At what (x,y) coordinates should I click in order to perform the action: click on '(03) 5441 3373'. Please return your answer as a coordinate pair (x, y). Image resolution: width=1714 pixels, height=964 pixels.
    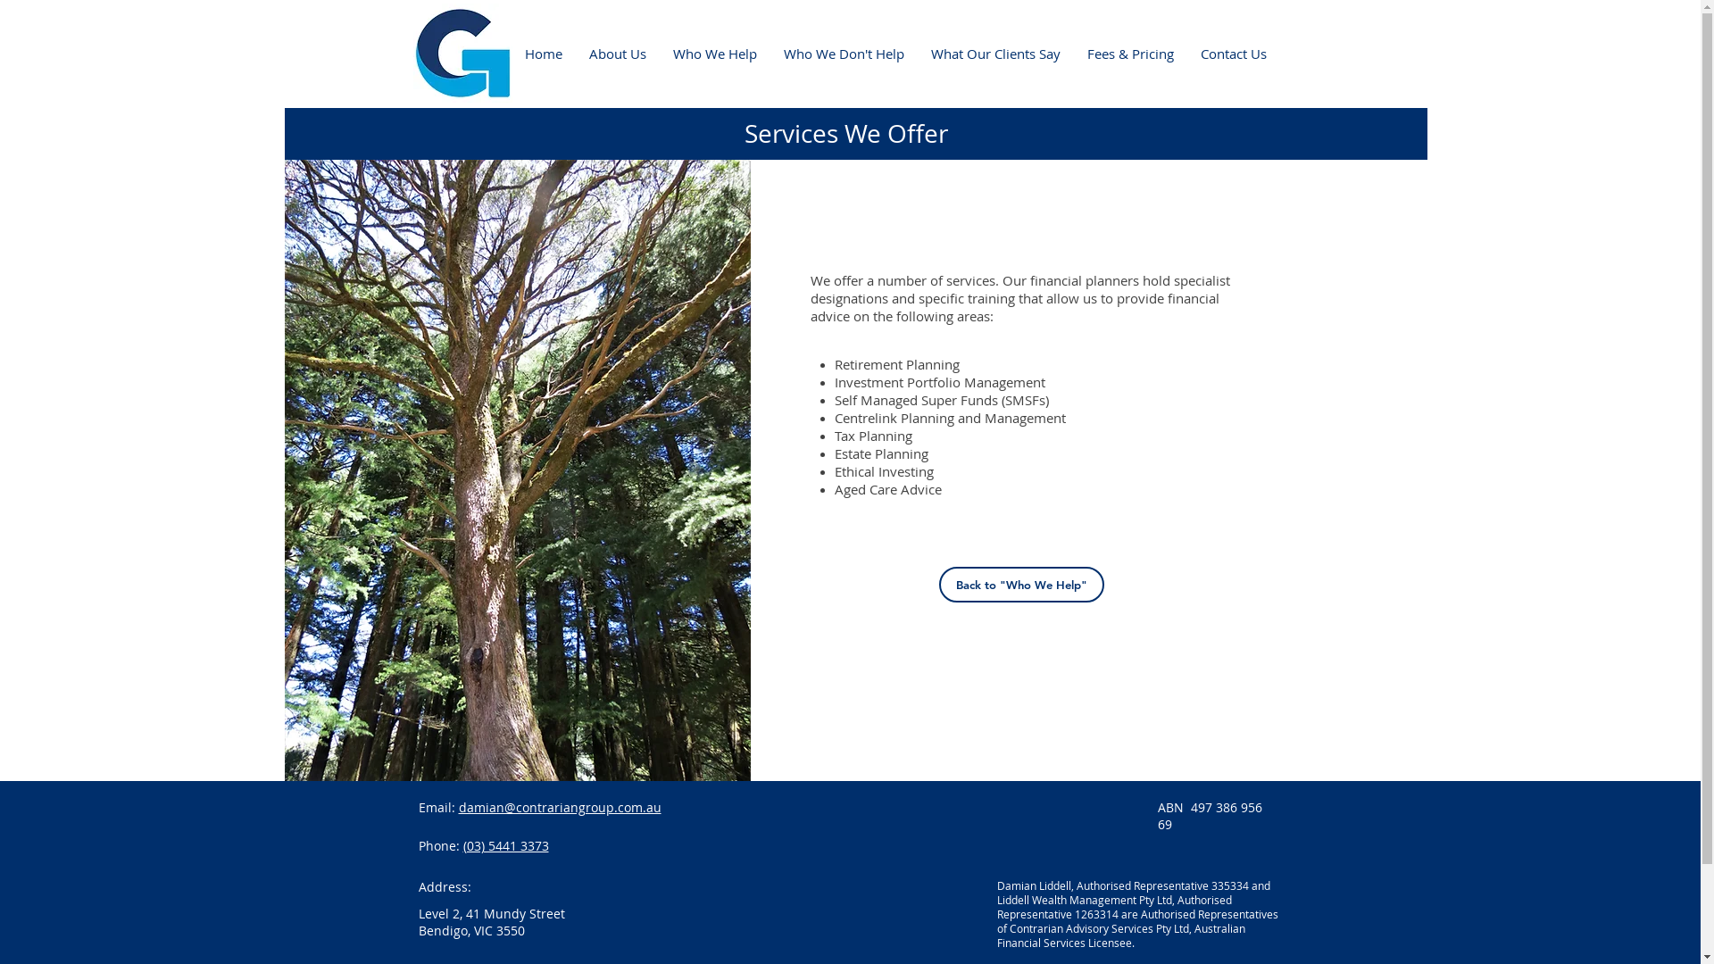
    Looking at the image, I should click on (504, 844).